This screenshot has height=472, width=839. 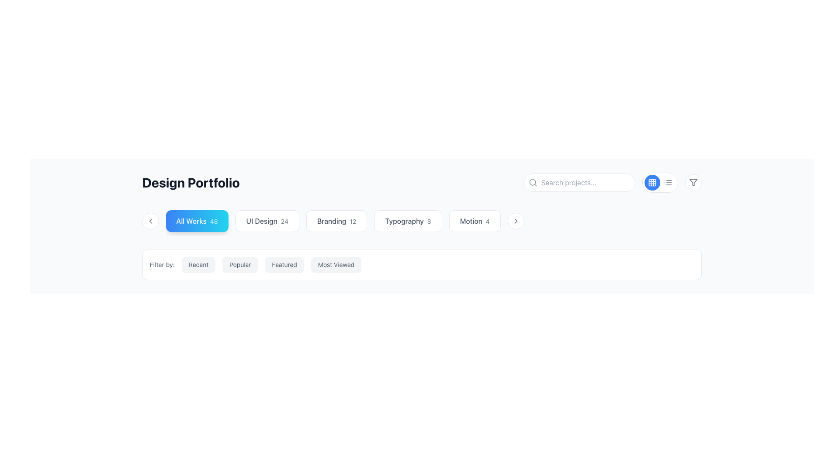 I want to click on the Text Label that indicates a category or section related to UI Design, located in a horizontal list of selectable options near the numerical indicator '24', so click(x=261, y=220).